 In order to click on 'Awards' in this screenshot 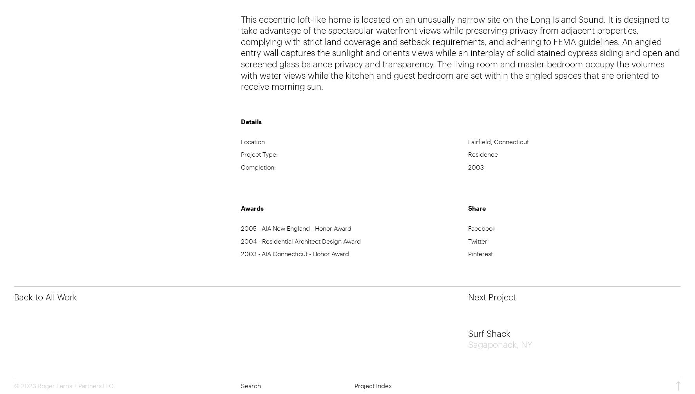, I will do `click(241, 208)`.